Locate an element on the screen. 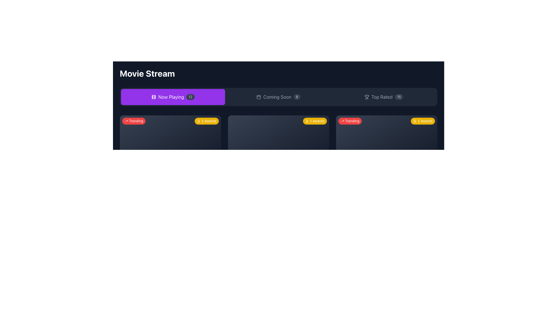  the 'Now Playing' button icon located in the center-left section of the purple button that is part of the top navigation interface is located at coordinates (154, 97).